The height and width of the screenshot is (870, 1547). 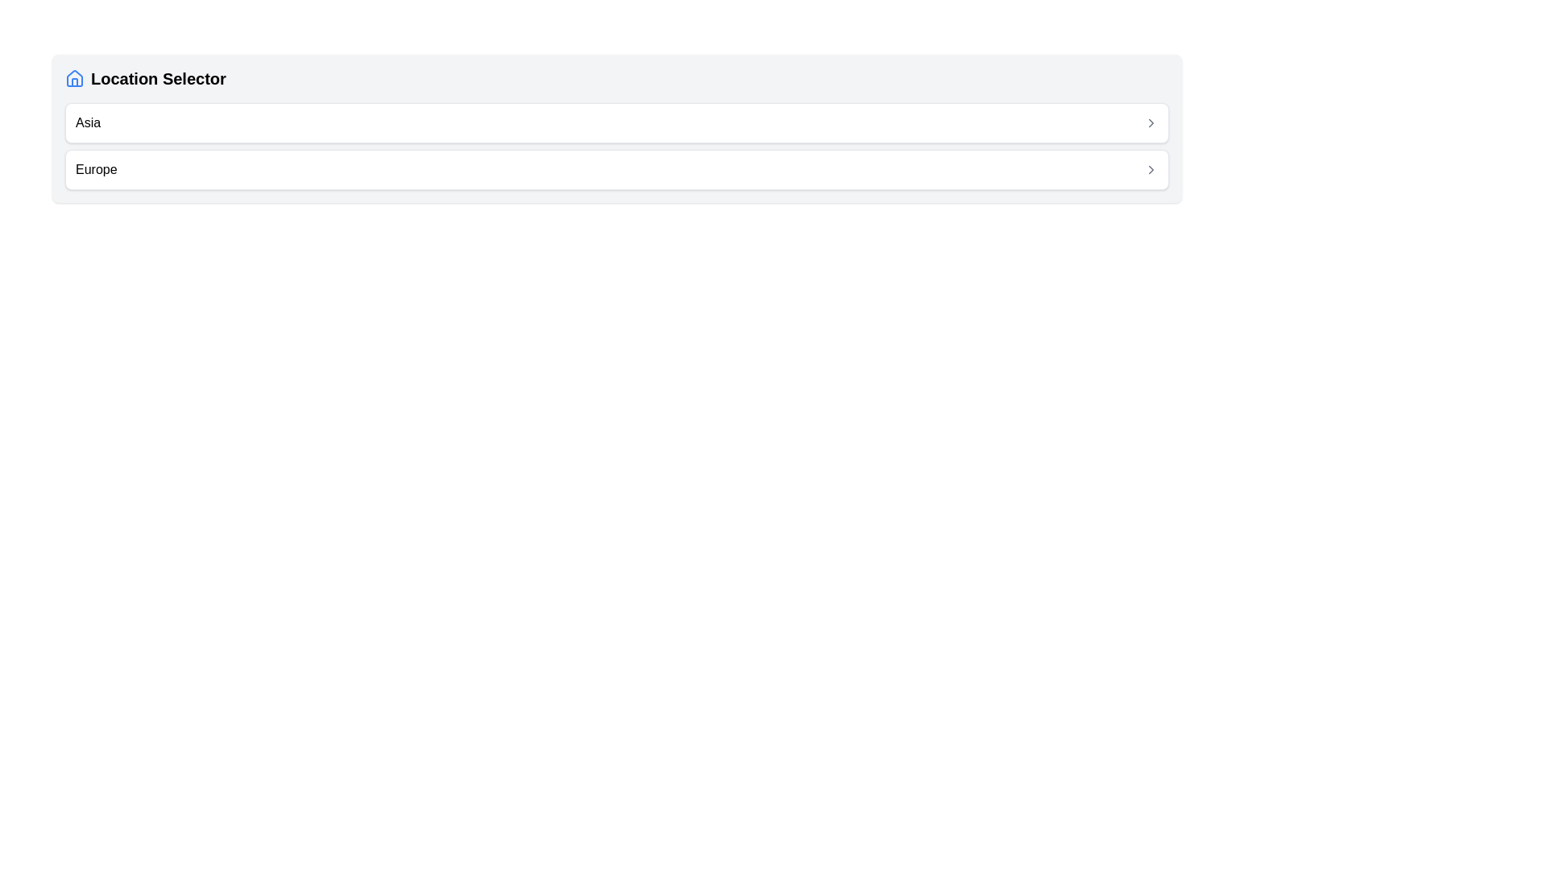 What do you see at coordinates (1151, 170) in the screenshot?
I see `the rightmost icon in the bottom row labeled 'Europe'` at bounding box center [1151, 170].